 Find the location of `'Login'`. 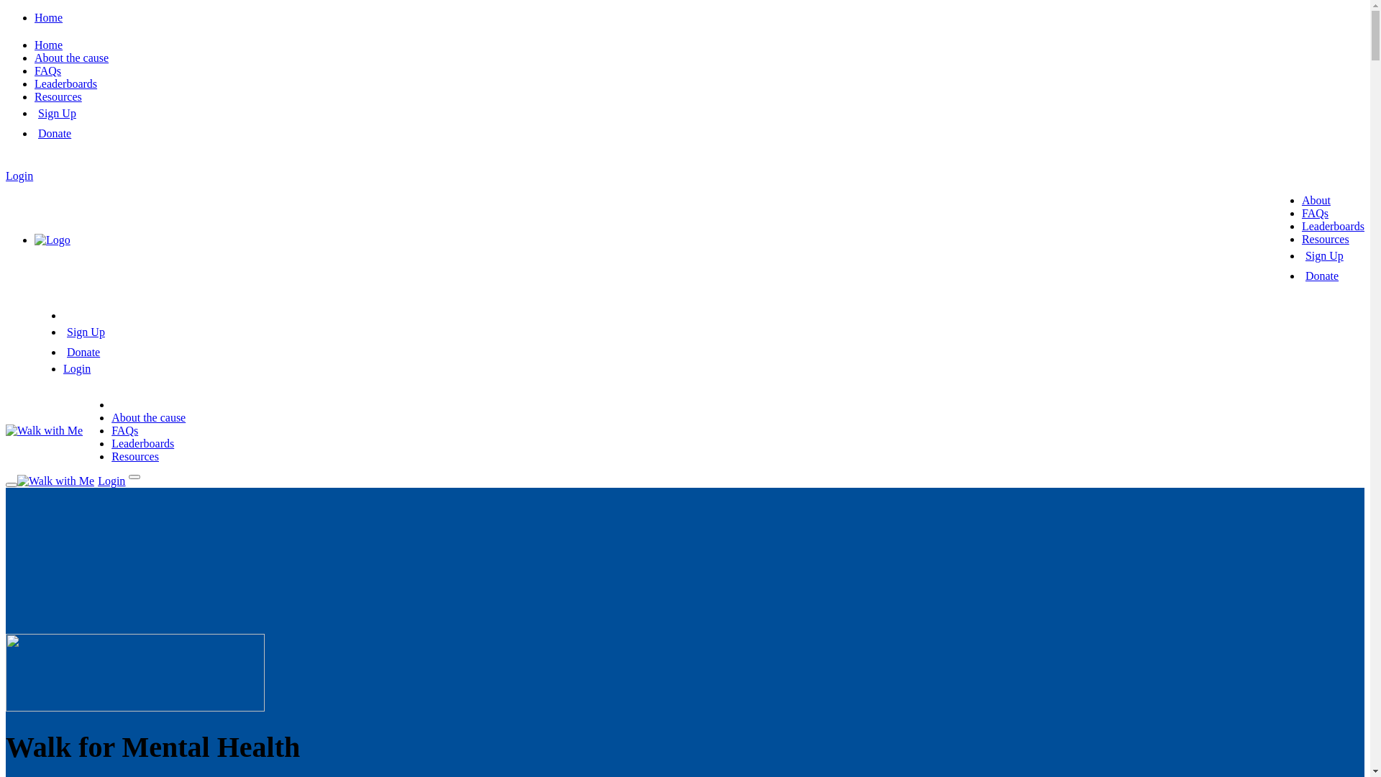

'Login' is located at coordinates (19, 175).